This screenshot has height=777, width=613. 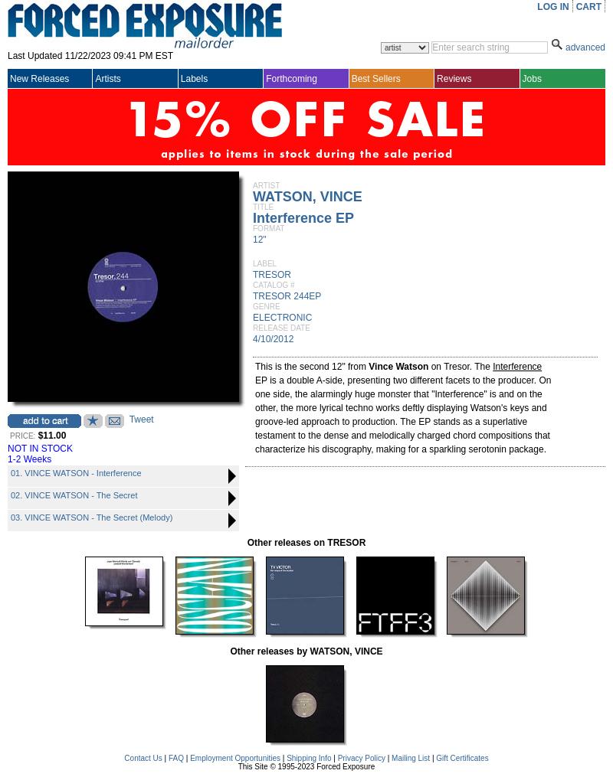 What do you see at coordinates (273, 338) in the screenshot?
I see `'4/10/2012'` at bounding box center [273, 338].